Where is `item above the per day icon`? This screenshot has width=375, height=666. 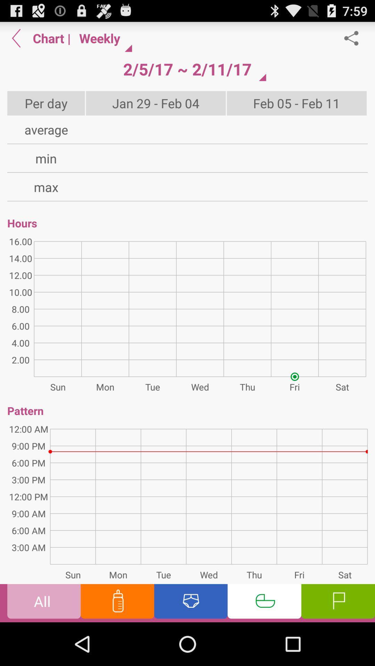
item above the per day icon is located at coordinates (16, 38).